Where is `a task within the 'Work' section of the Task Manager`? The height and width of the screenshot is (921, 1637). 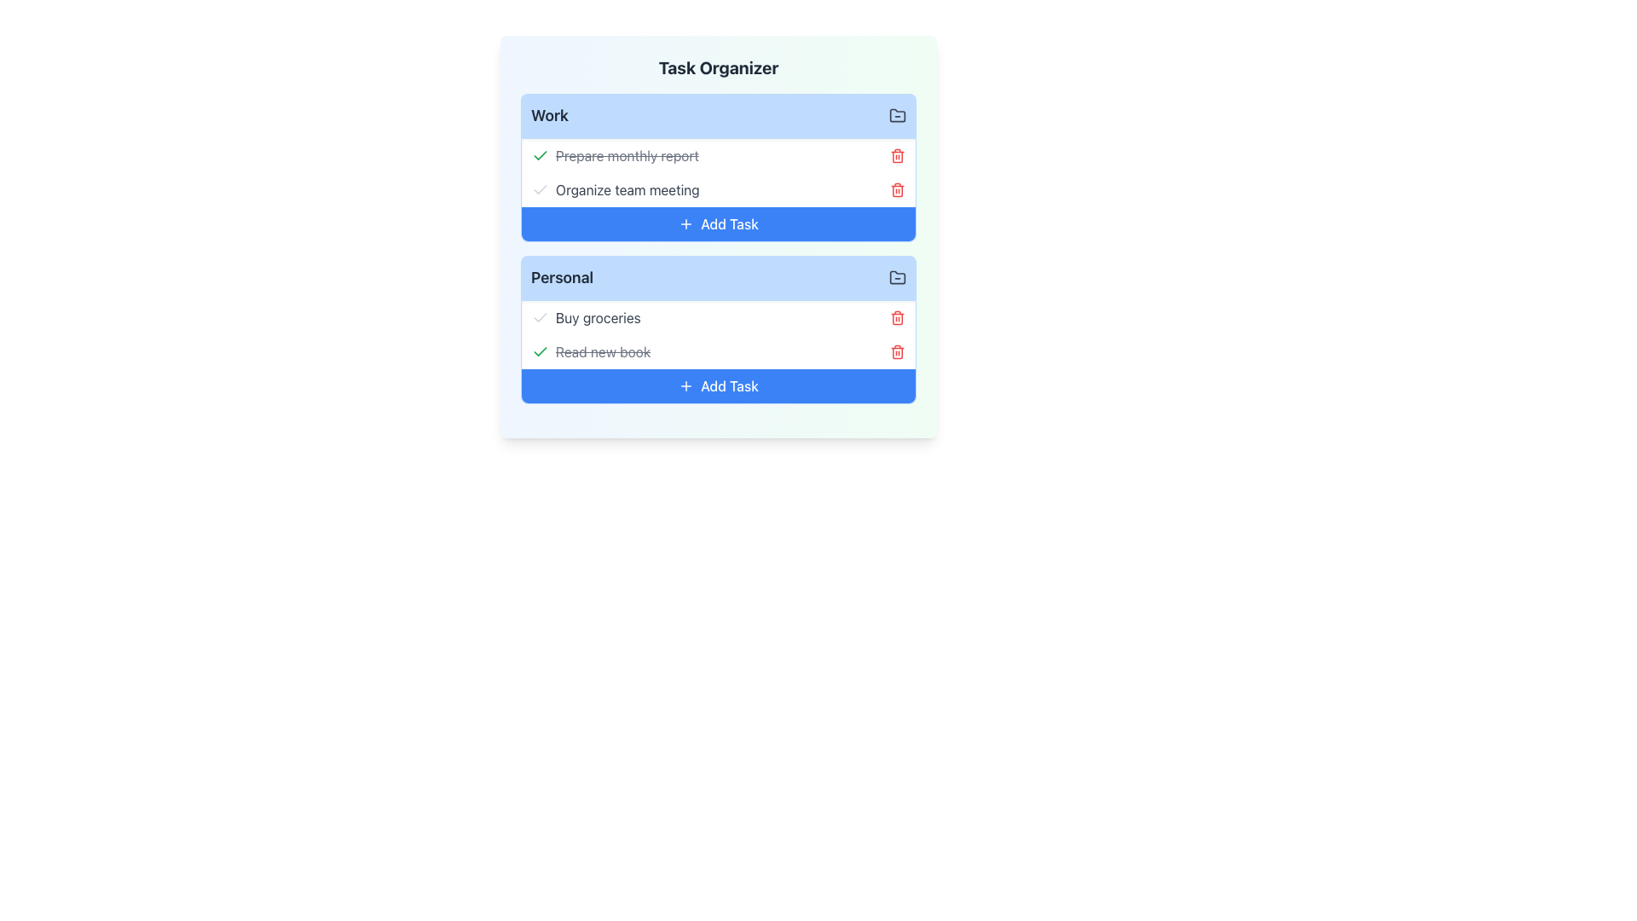 a task within the 'Work' section of the Task Manager is located at coordinates (719, 167).